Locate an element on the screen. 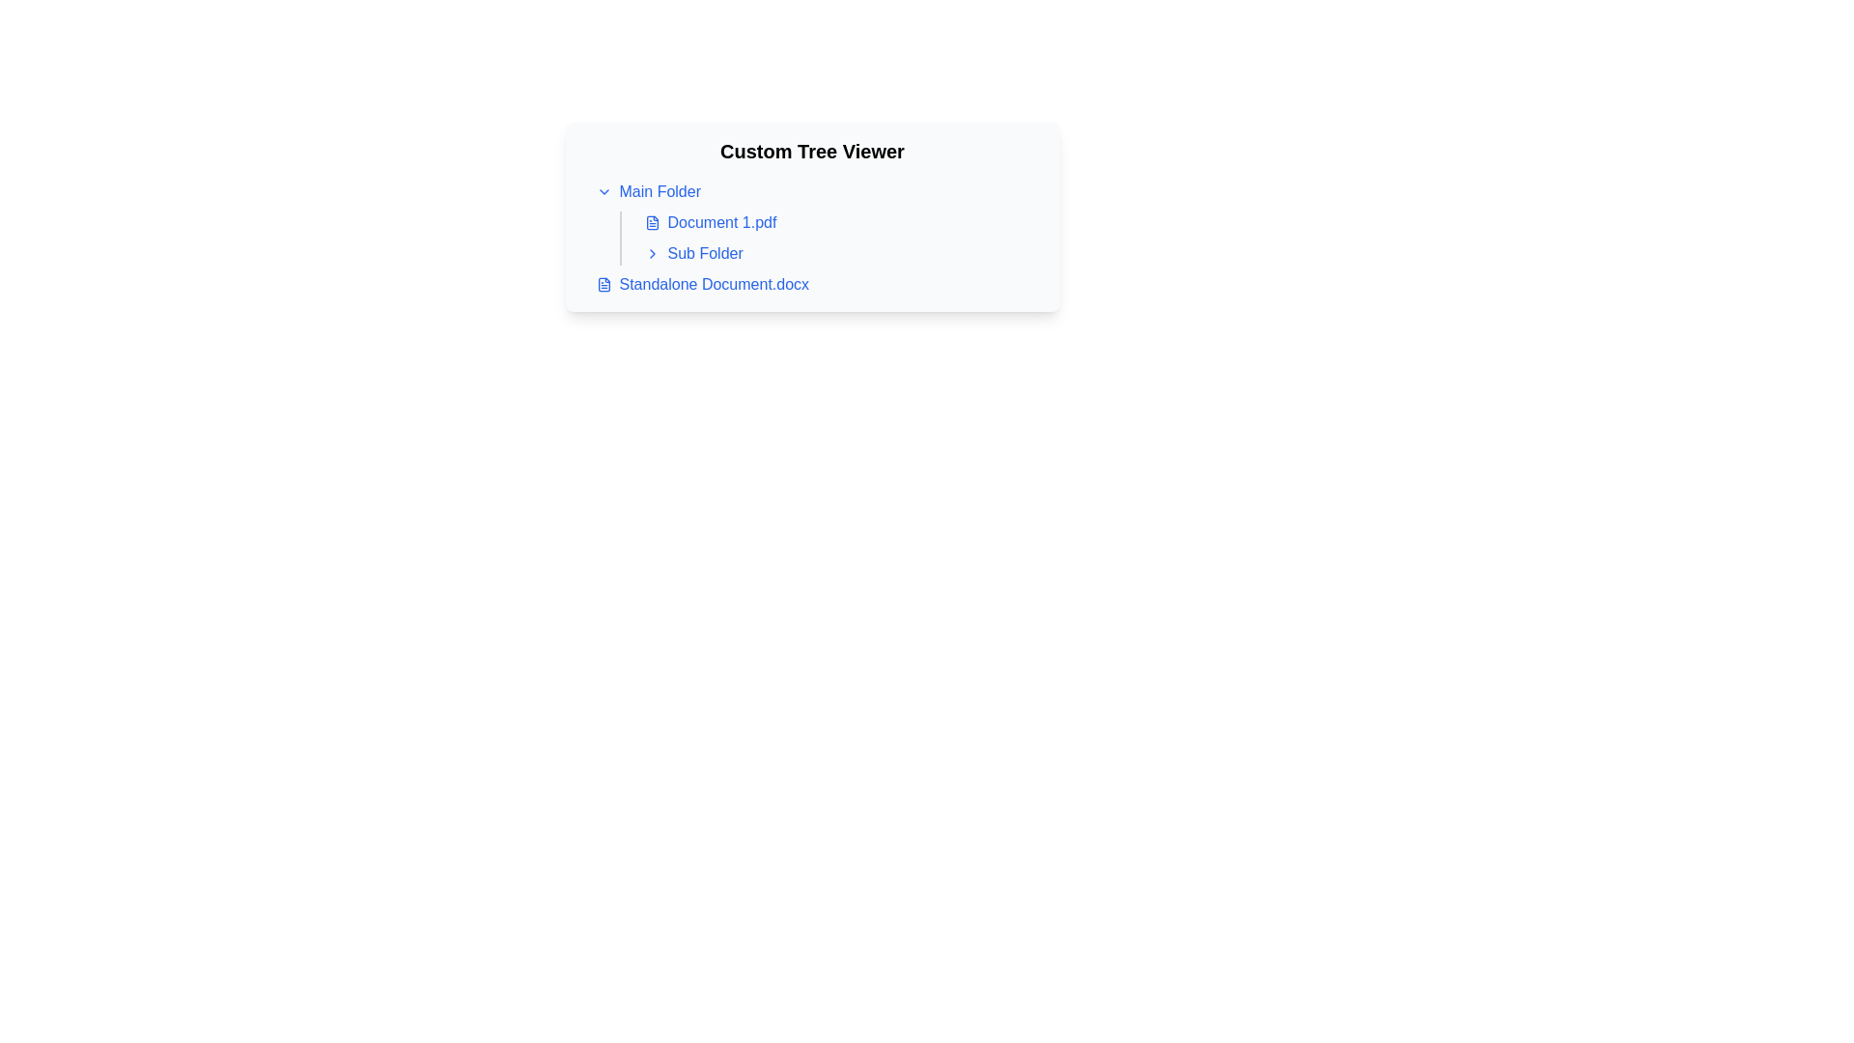 The height and width of the screenshot is (1043, 1854). the outlined vector graphic icon representing a document, which is located to the left of the text label 'Standalone Document.docx' is located at coordinates (603, 284).